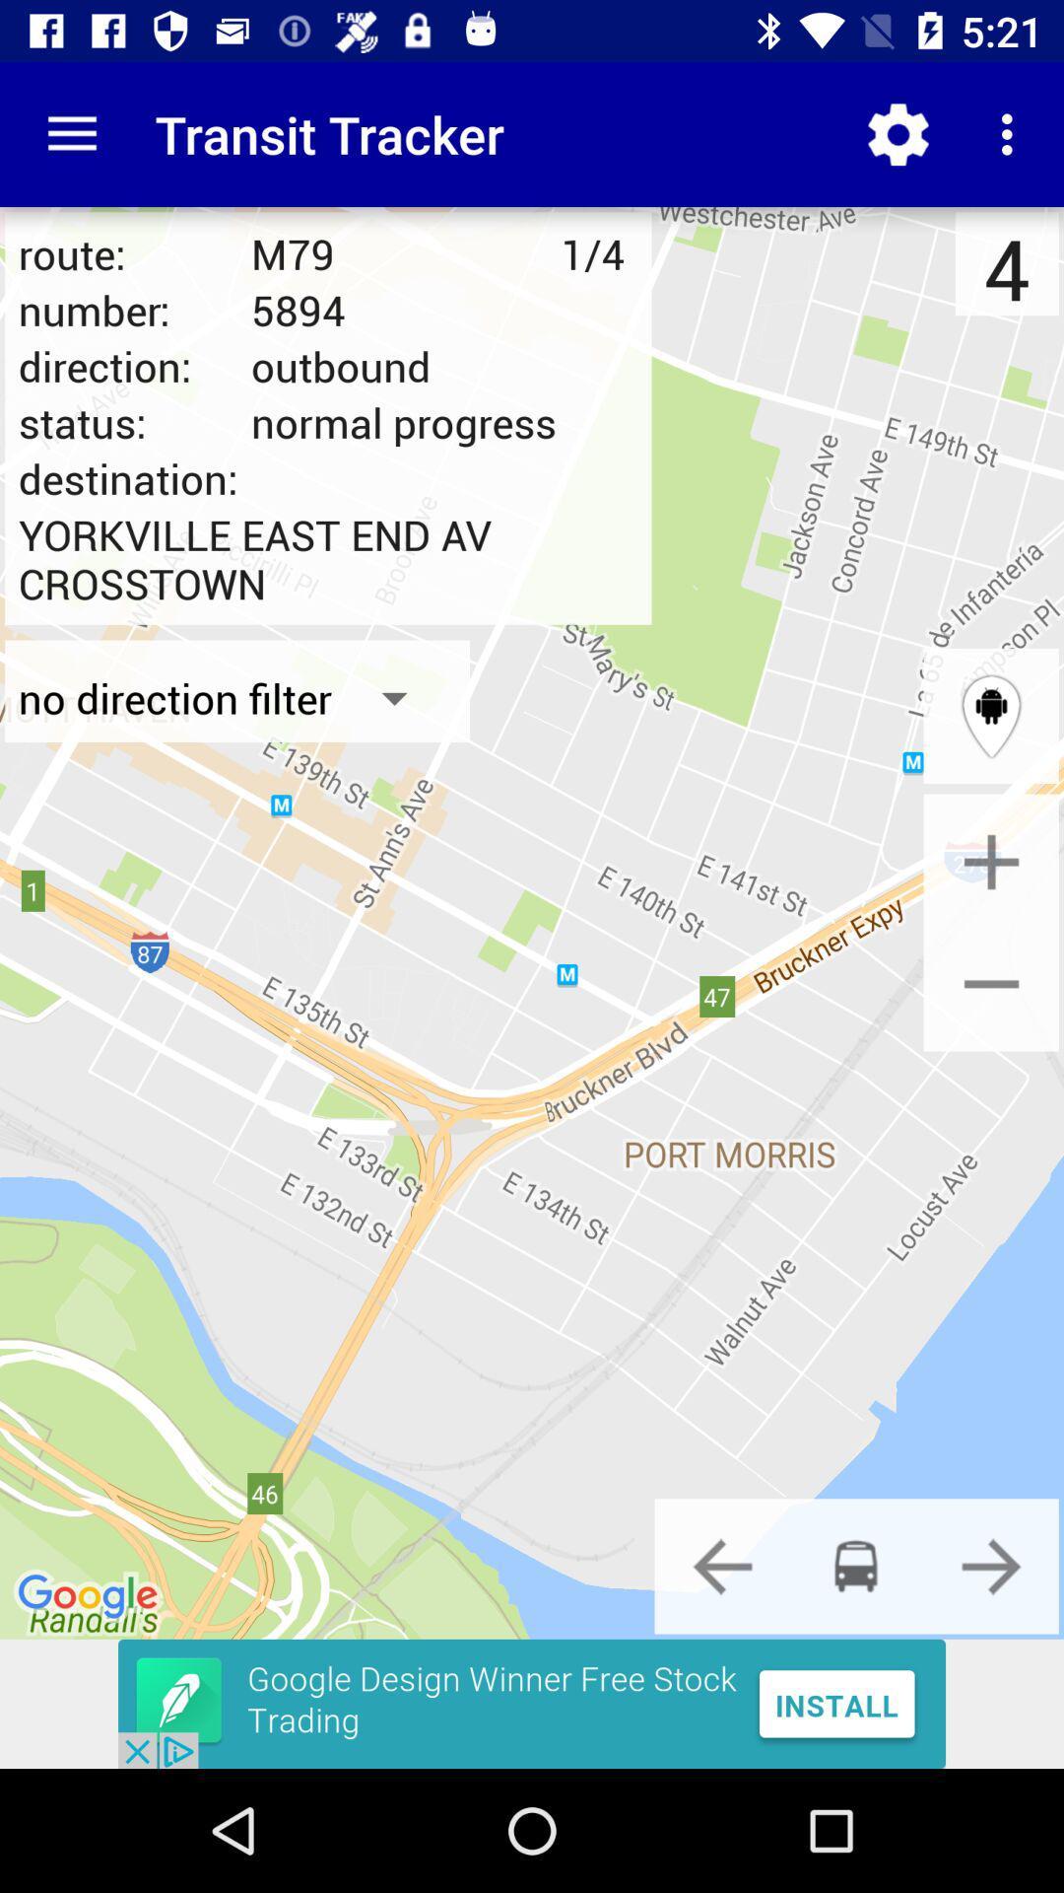 This screenshot has height=1893, width=1064. Describe the element at coordinates (991, 1565) in the screenshot. I see `the arrow_forward icon` at that location.